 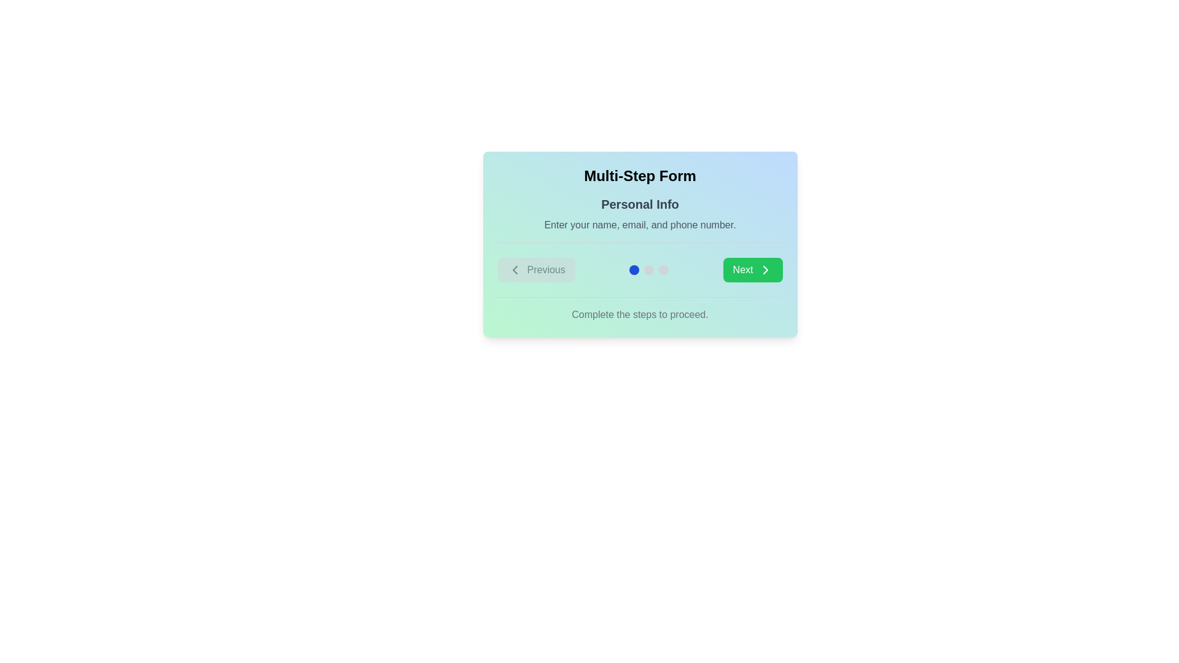 I want to click on the left-pointing chevron arrow icon that indicates the 'Previous' button, which is visually aligned with the button's text, so click(x=515, y=269).